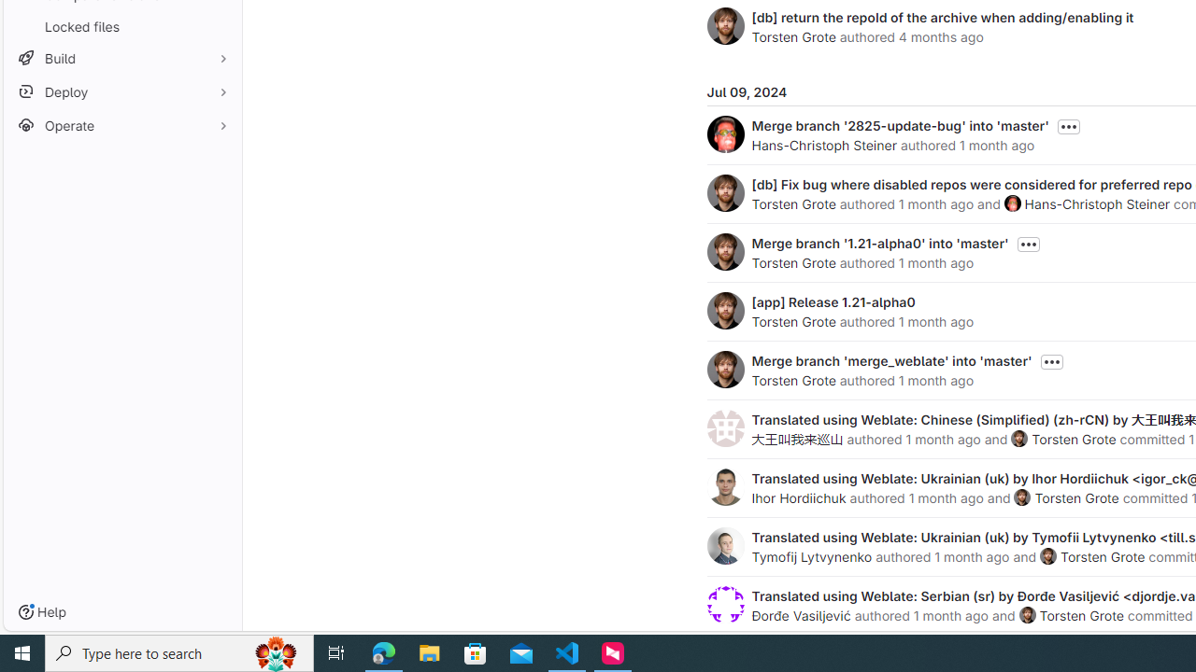 Image resolution: width=1196 pixels, height=672 pixels. Describe the element at coordinates (900, 125) in the screenshot. I see `'Merge branch '` at that location.